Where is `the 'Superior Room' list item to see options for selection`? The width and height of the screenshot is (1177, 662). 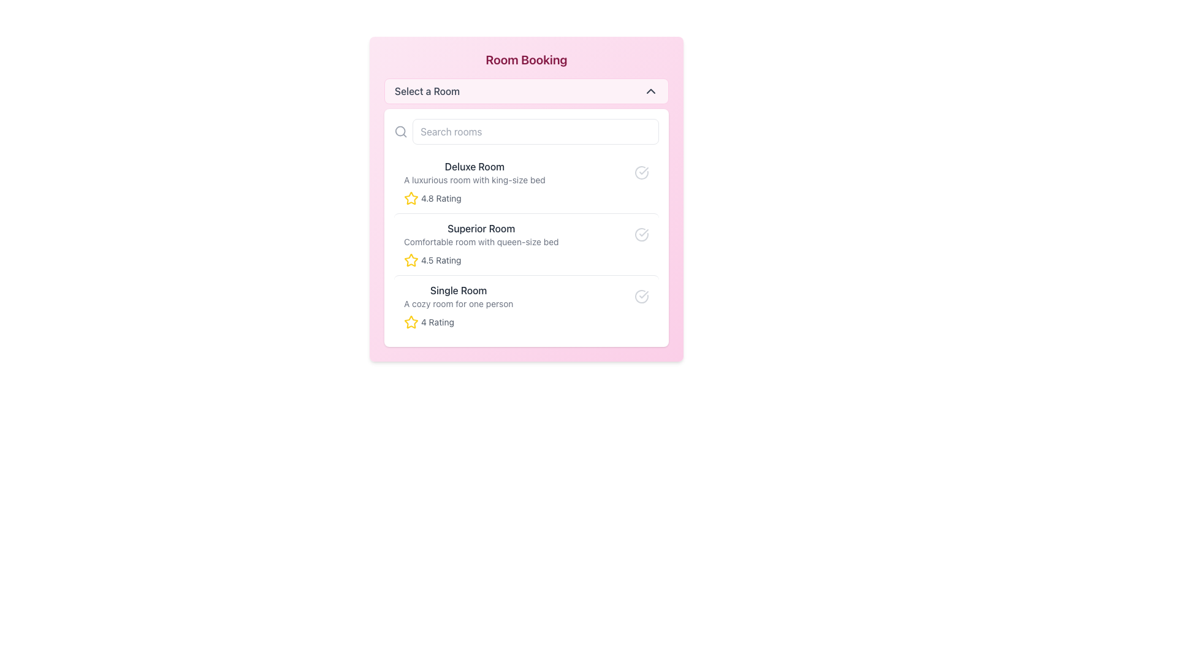 the 'Superior Room' list item to see options for selection is located at coordinates (527, 234).